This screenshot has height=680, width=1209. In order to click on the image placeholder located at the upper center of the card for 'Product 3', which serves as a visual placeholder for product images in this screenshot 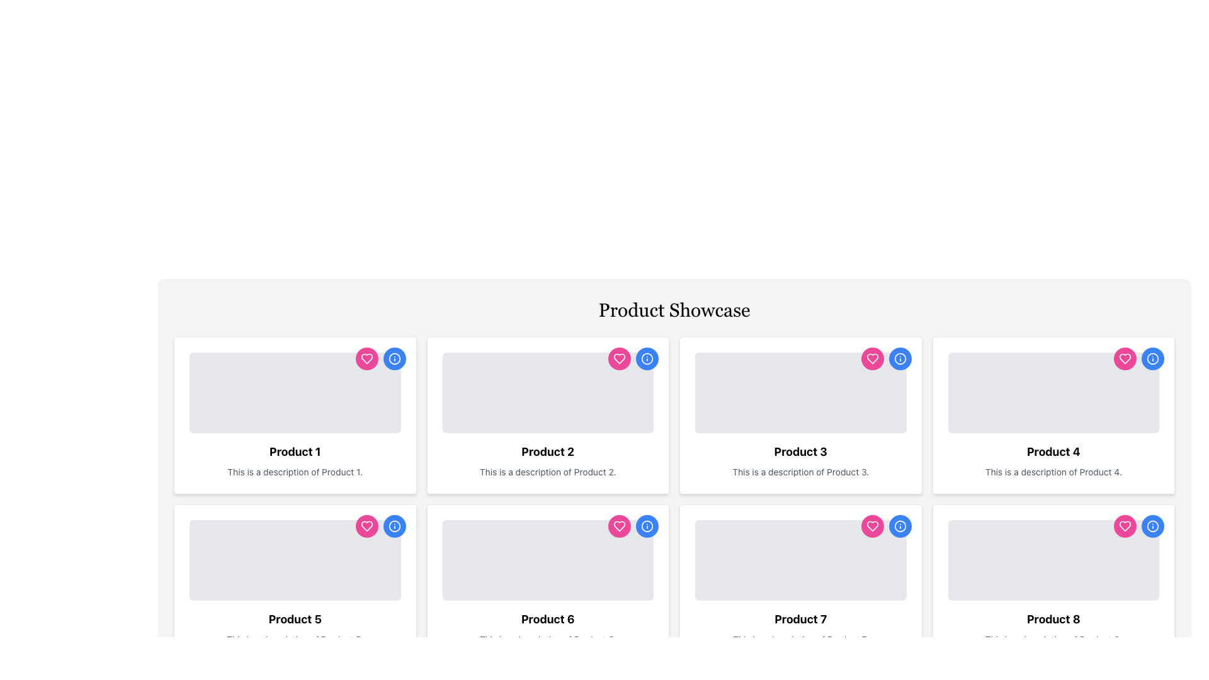, I will do `click(800, 392)`.